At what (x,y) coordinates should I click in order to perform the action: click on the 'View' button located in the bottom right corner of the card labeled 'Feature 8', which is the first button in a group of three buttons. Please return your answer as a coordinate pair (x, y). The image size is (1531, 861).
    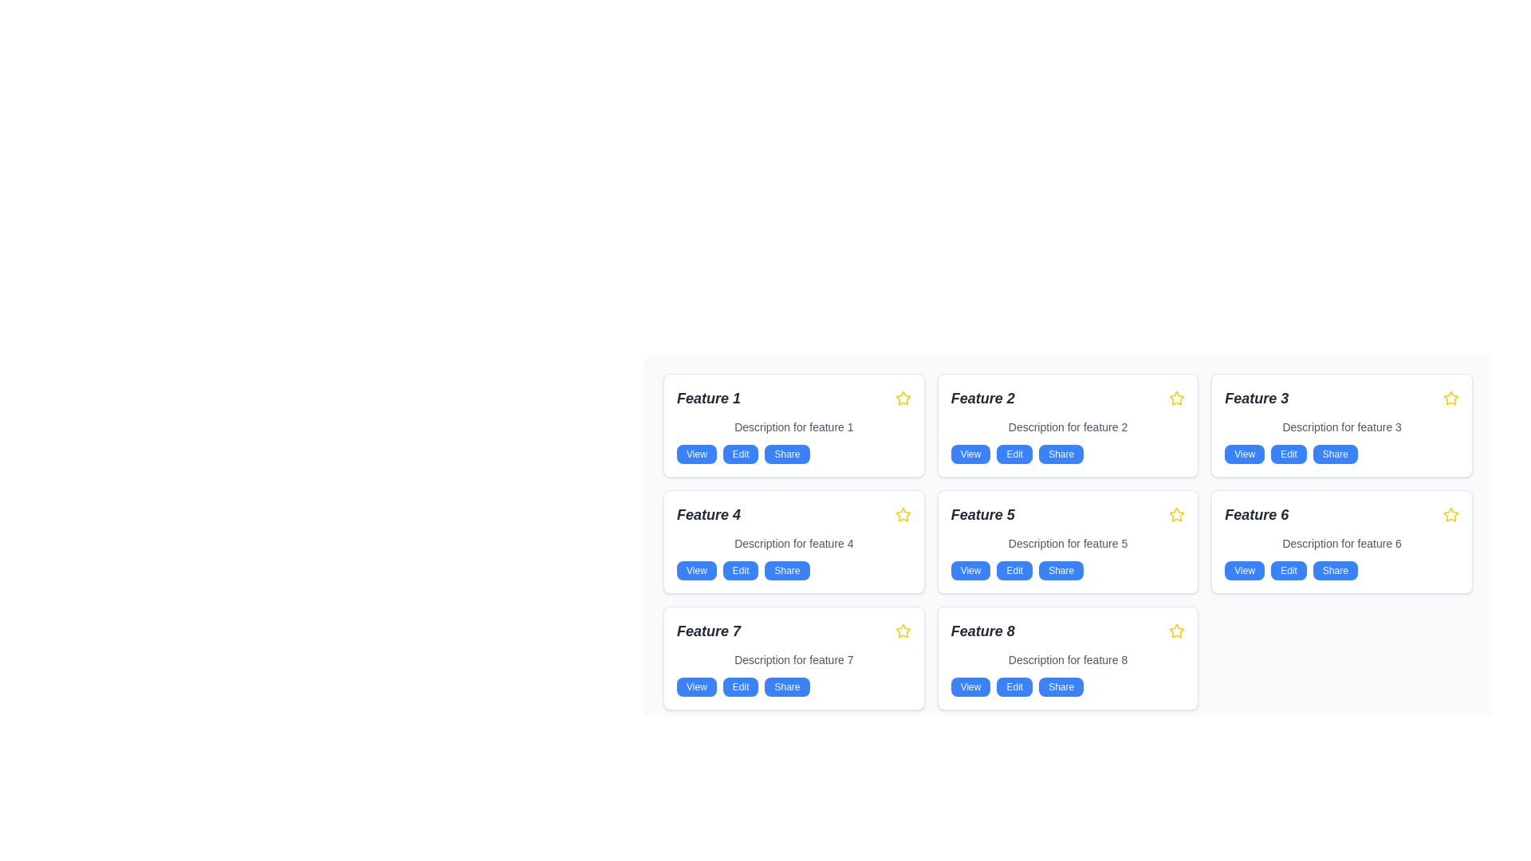
    Looking at the image, I should click on (970, 686).